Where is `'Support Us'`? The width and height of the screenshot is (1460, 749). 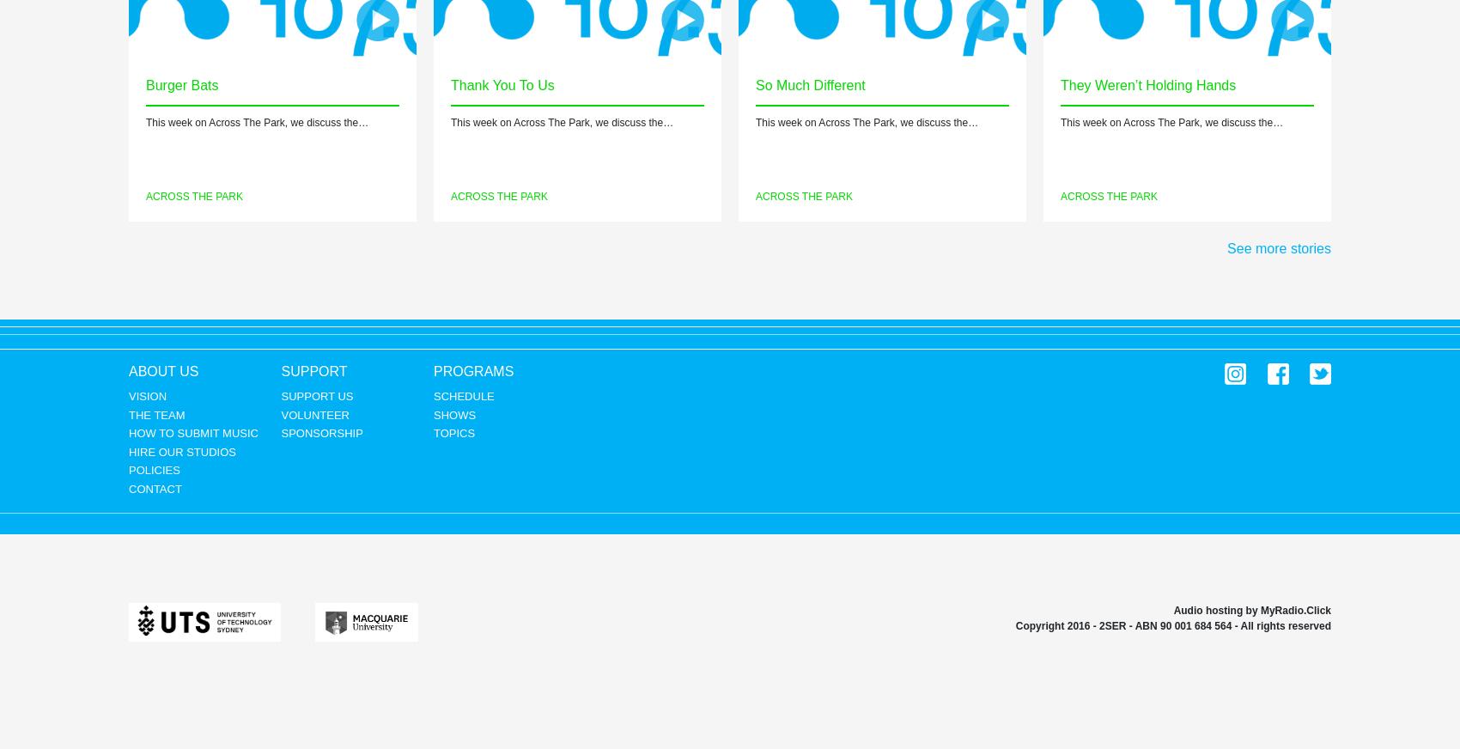 'Support Us' is located at coordinates (316, 395).